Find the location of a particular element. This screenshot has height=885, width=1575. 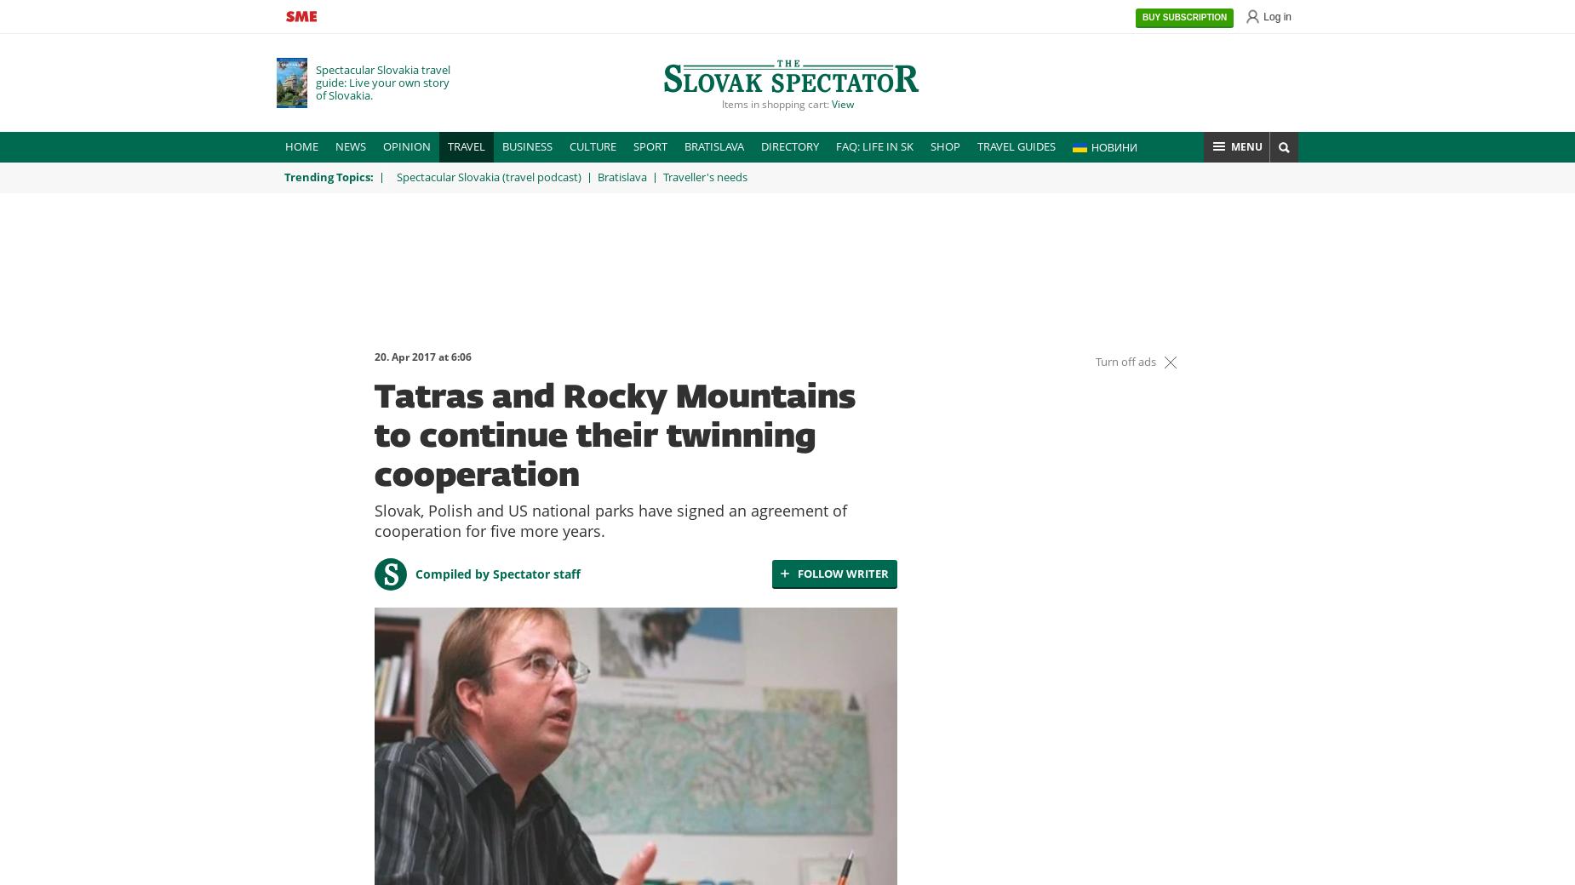

'BRATISLAVA' is located at coordinates (713, 146).